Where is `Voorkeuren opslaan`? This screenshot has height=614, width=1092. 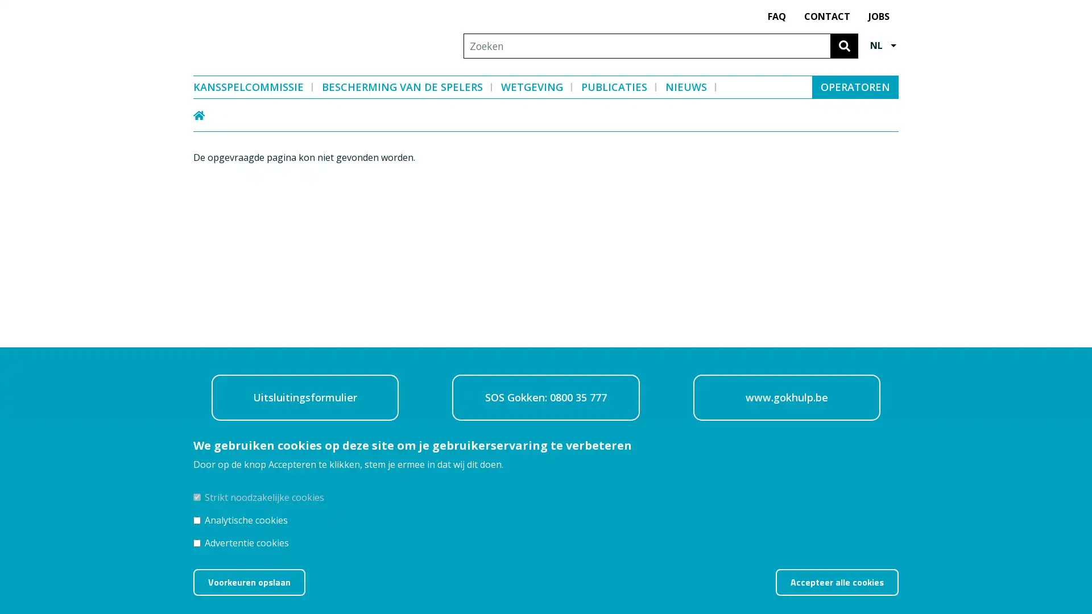
Voorkeuren opslaan is located at coordinates (249, 582).